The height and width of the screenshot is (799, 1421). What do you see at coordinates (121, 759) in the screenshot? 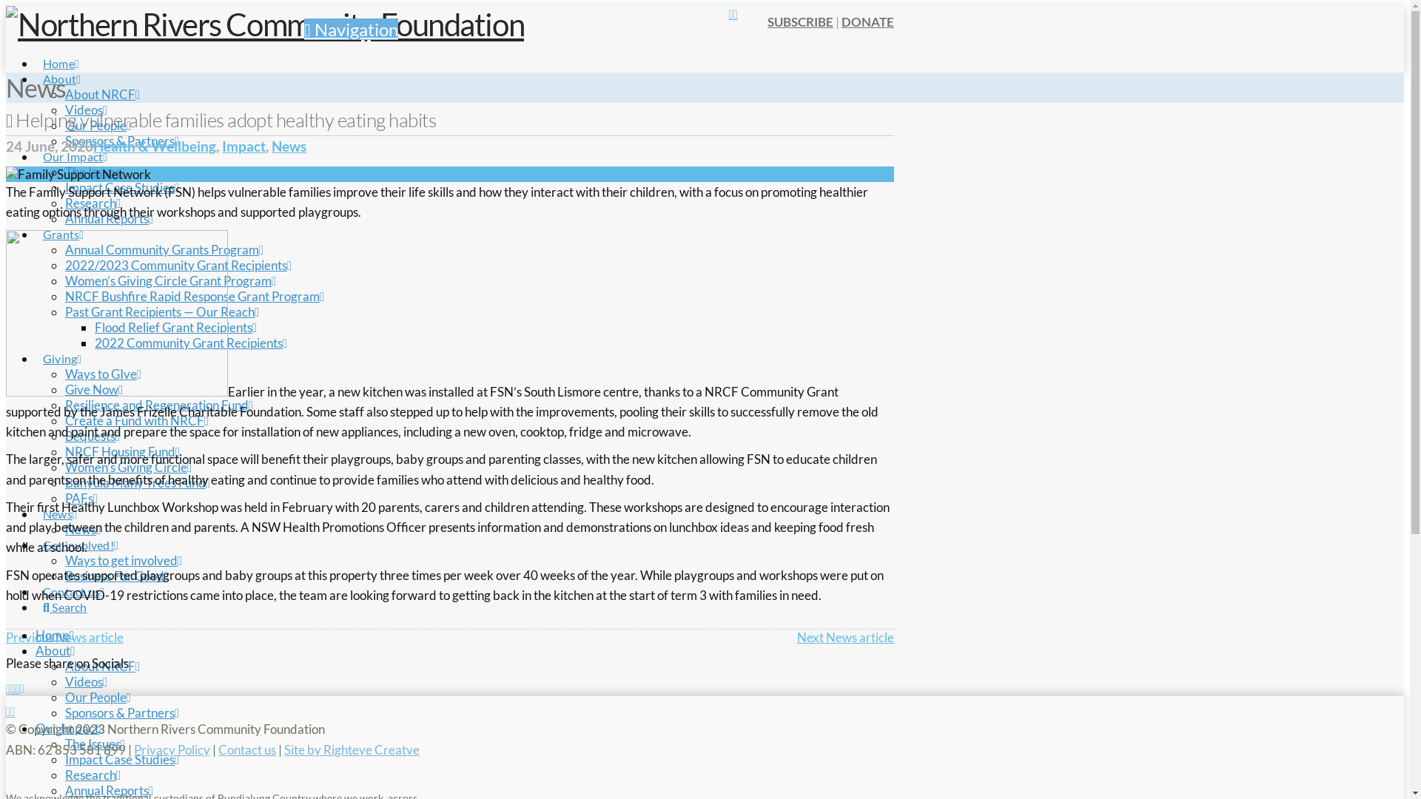
I see `'Impact Case Studies'` at bounding box center [121, 759].